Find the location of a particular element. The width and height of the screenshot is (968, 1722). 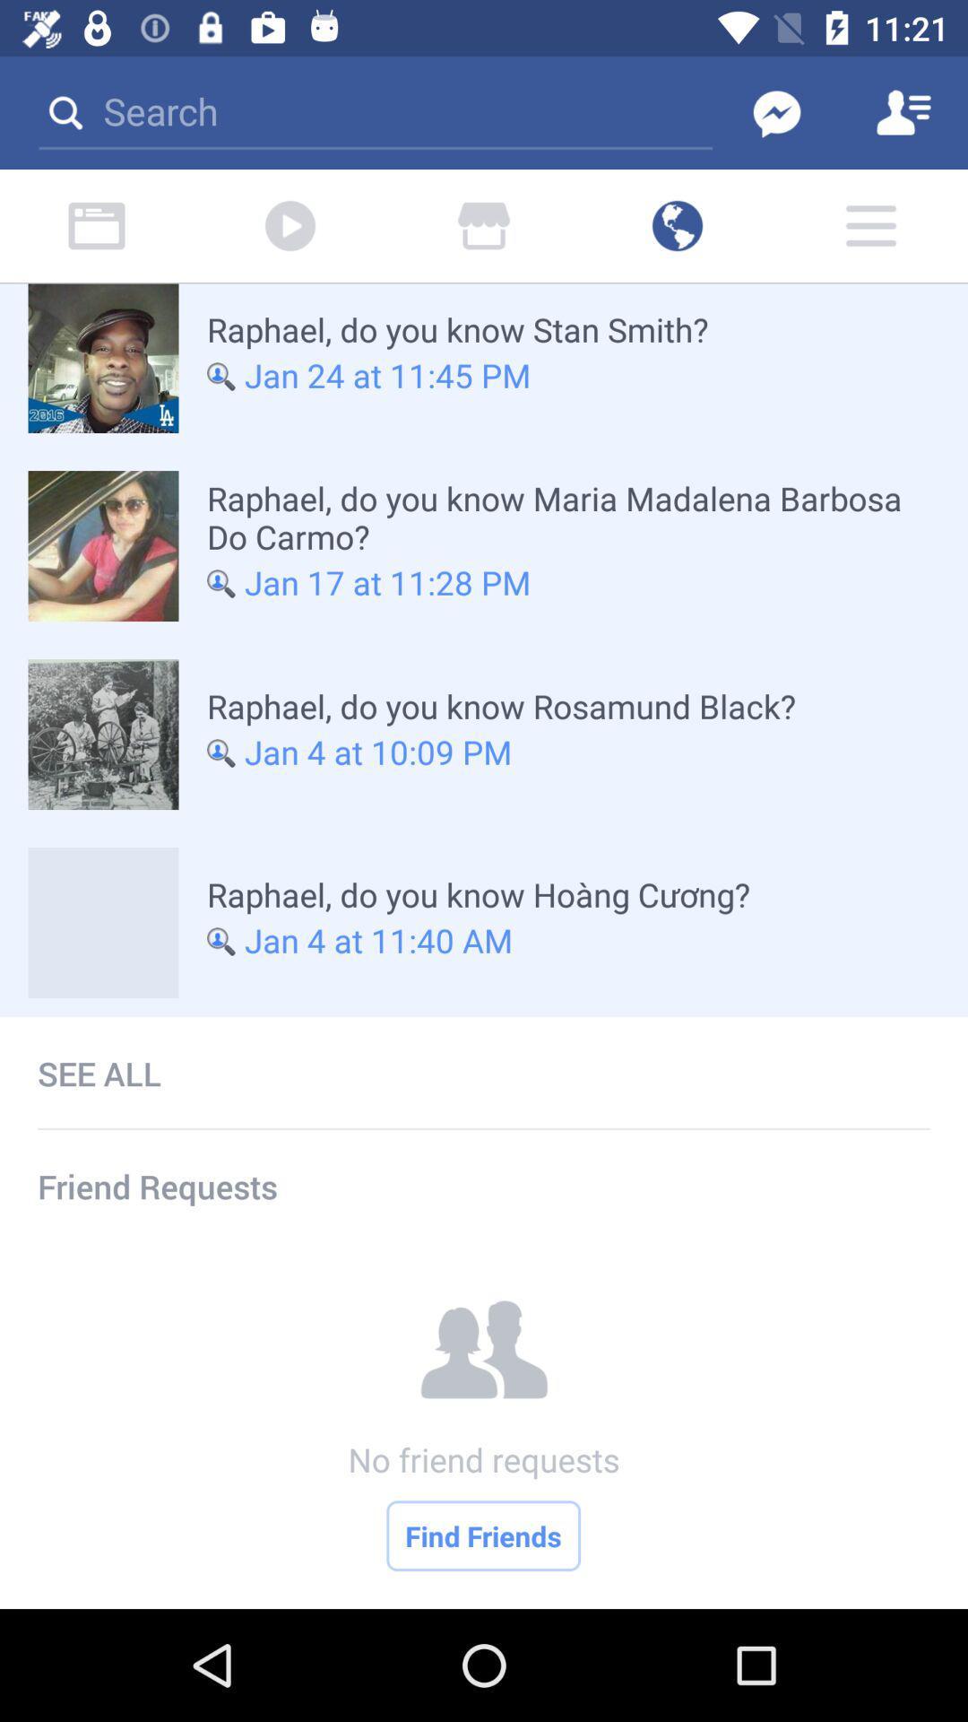

the menu icon is located at coordinates (870, 225).